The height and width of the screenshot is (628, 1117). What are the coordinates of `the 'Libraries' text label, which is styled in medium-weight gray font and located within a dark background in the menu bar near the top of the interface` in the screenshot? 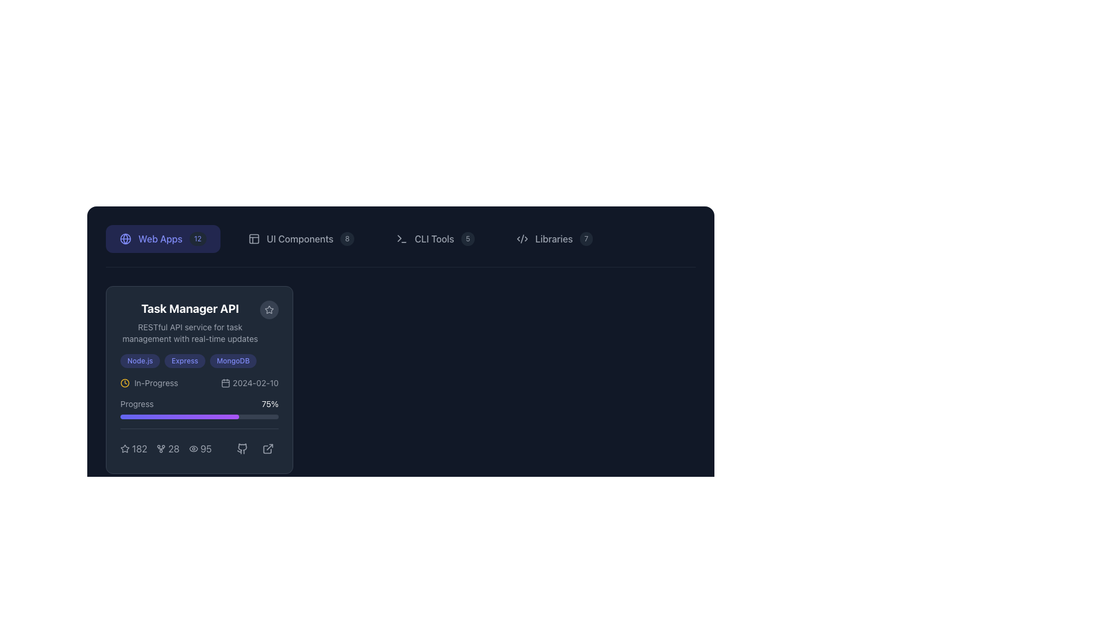 It's located at (553, 238).